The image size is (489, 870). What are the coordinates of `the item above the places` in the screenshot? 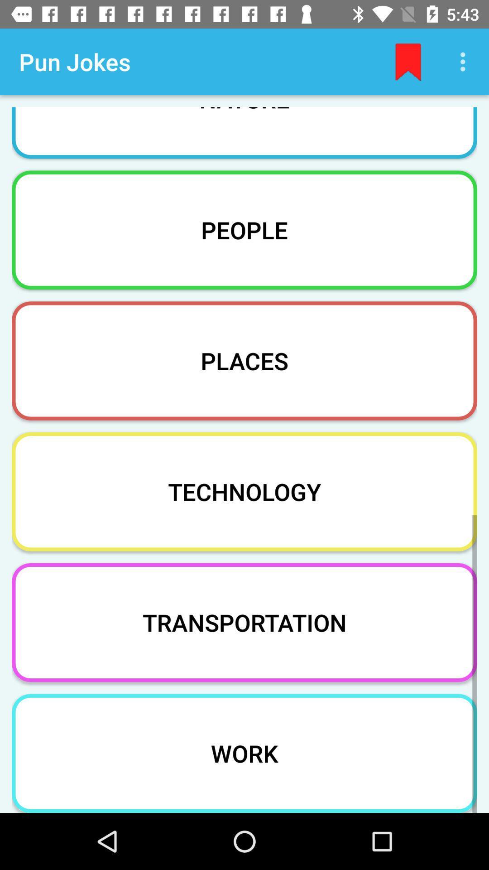 It's located at (244, 230).